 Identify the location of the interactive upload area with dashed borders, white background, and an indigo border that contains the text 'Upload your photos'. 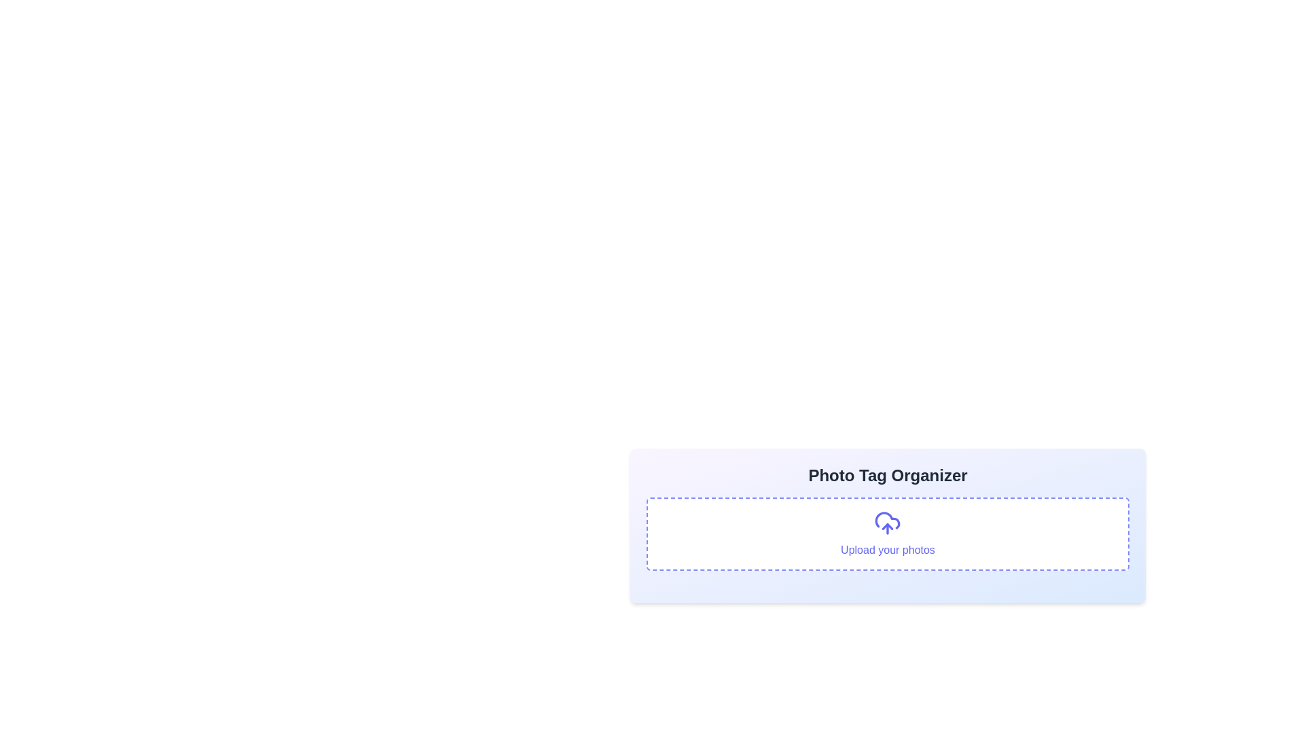
(888, 533).